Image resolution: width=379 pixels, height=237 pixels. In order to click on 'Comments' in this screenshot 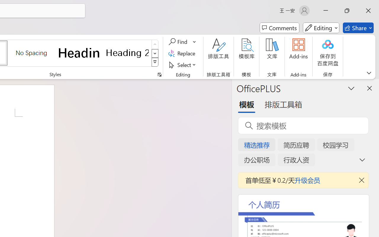, I will do `click(279, 28)`.